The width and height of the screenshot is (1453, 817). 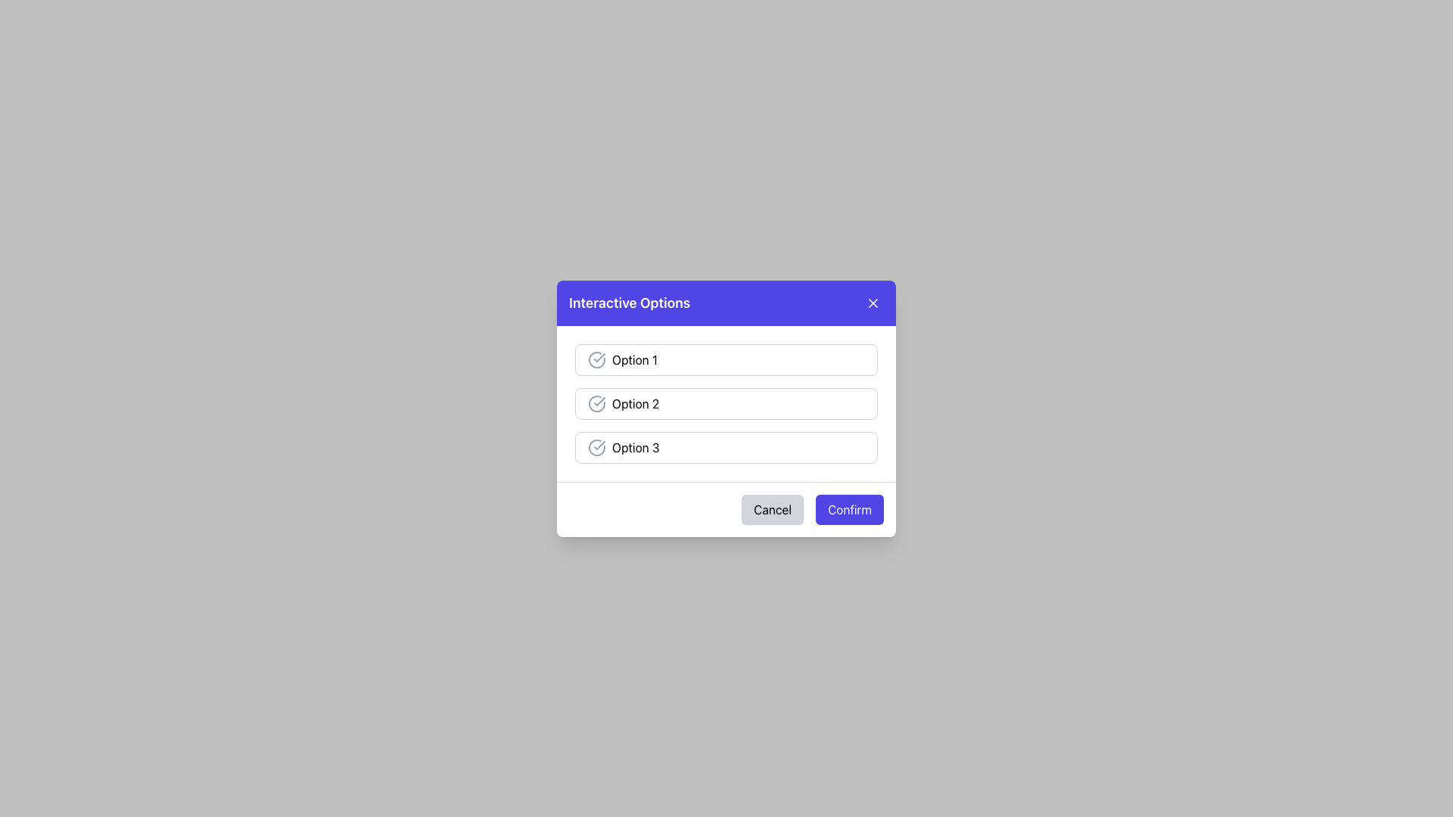 What do you see at coordinates (873, 303) in the screenshot?
I see `the close button shaped like an 'X' with white strokes on a purple background located in the top right corner of the 'Interactive Options' dialog box header` at bounding box center [873, 303].